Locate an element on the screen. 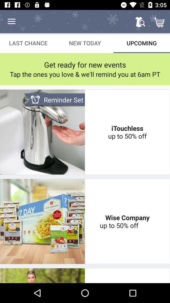  the get ready for is located at coordinates (85, 64).